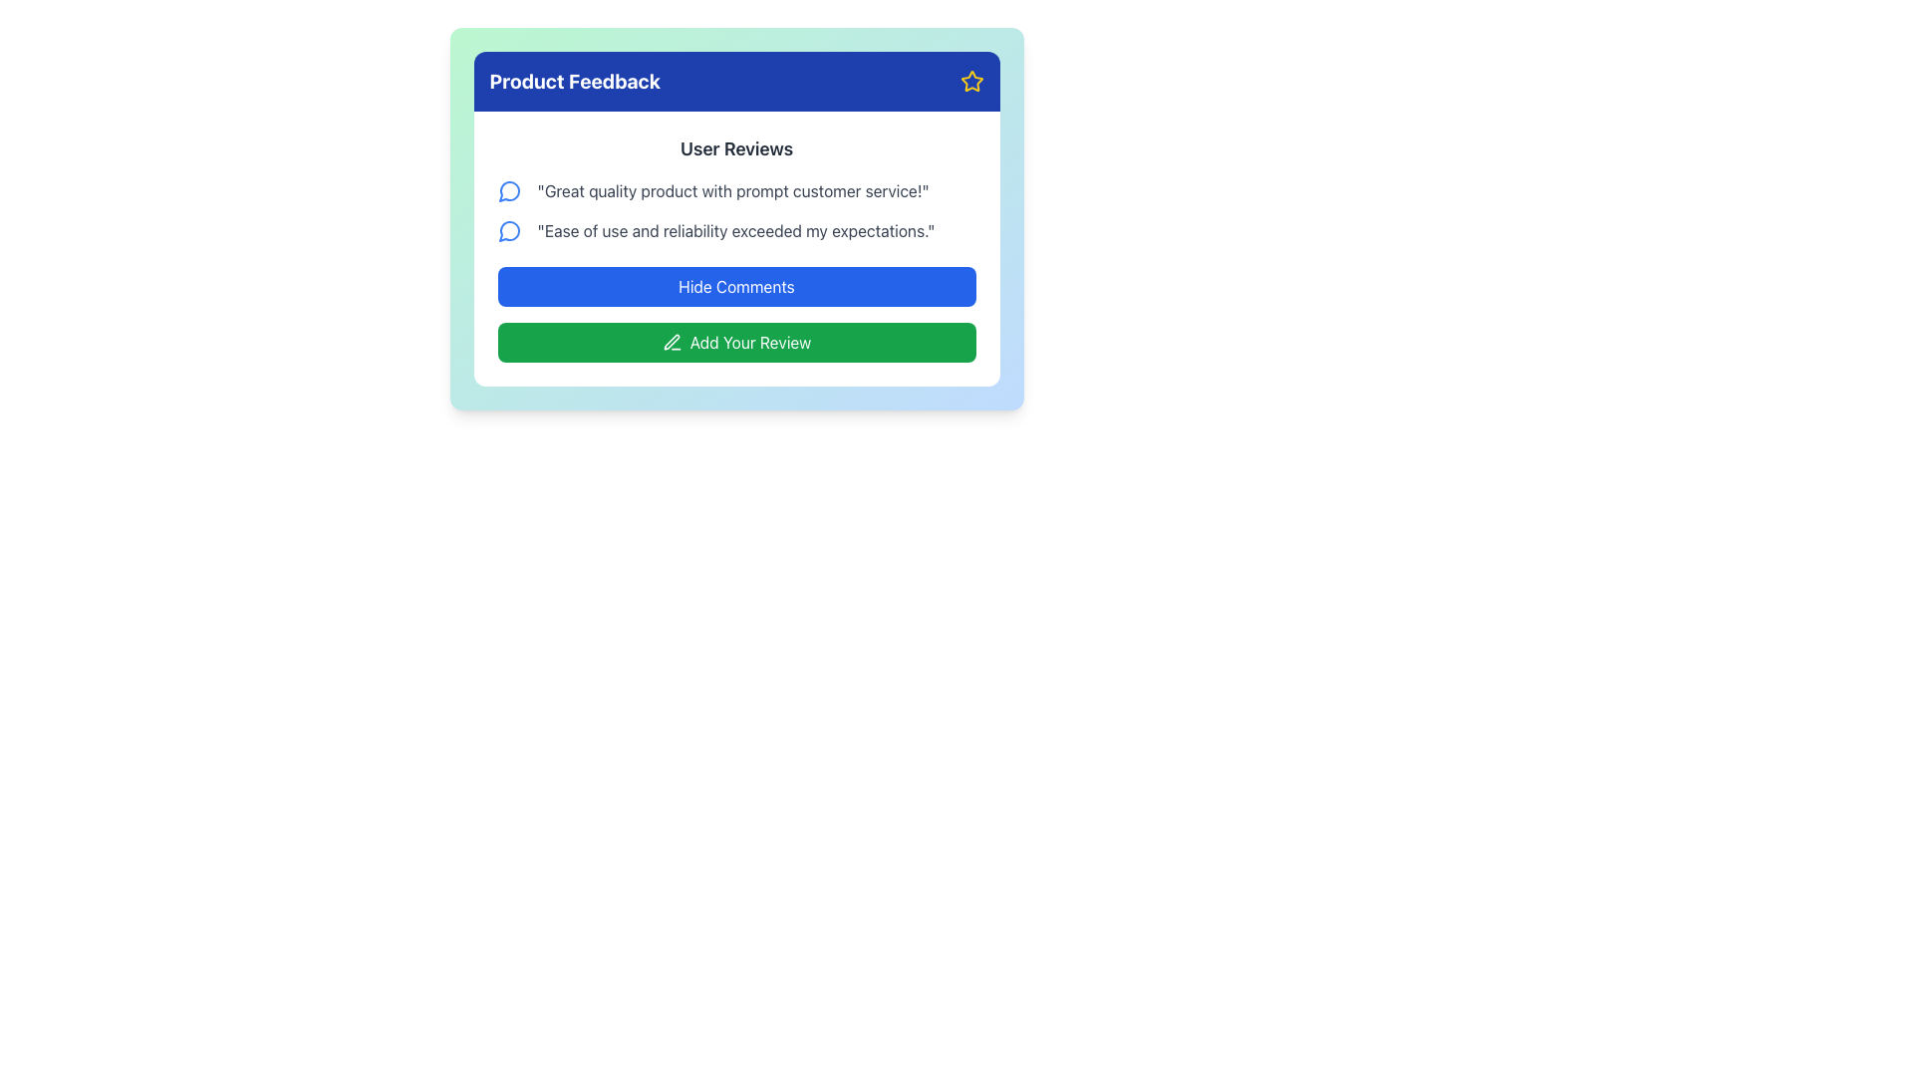  What do you see at coordinates (735, 191) in the screenshot?
I see `first review text in the 'User Reviews' section of the 'Product Feedback' panel, which states 'Great quality product with prompt customer service!'` at bounding box center [735, 191].